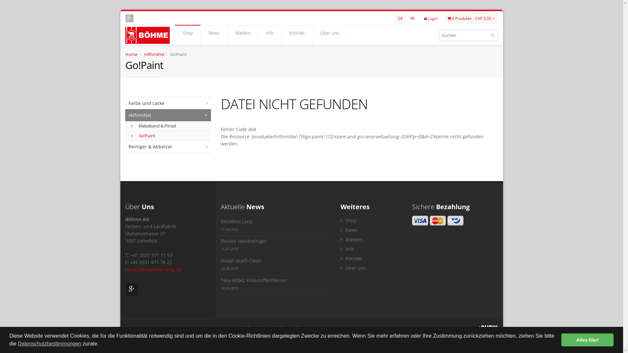 The image size is (628, 353). I want to click on 'FR', so click(412, 18).